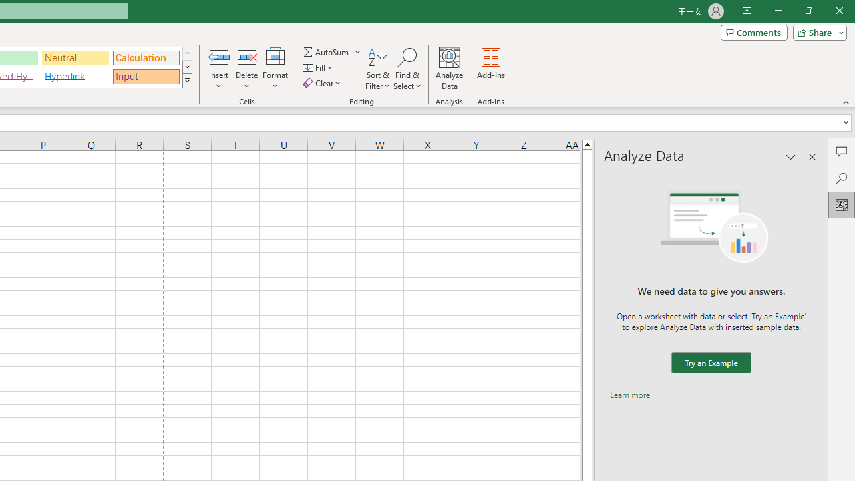  Describe the element at coordinates (629, 394) in the screenshot. I see `'Learn more'` at that location.